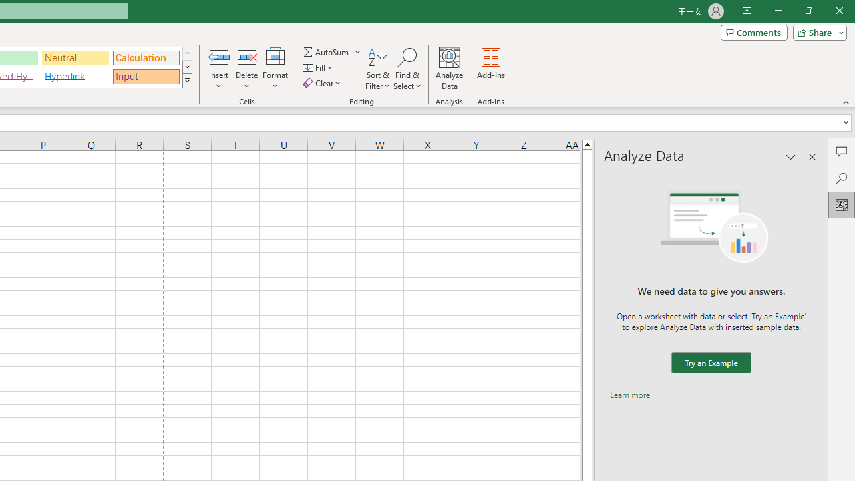  Describe the element at coordinates (629, 394) in the screenshot. I see `'Learn more'` at that location.